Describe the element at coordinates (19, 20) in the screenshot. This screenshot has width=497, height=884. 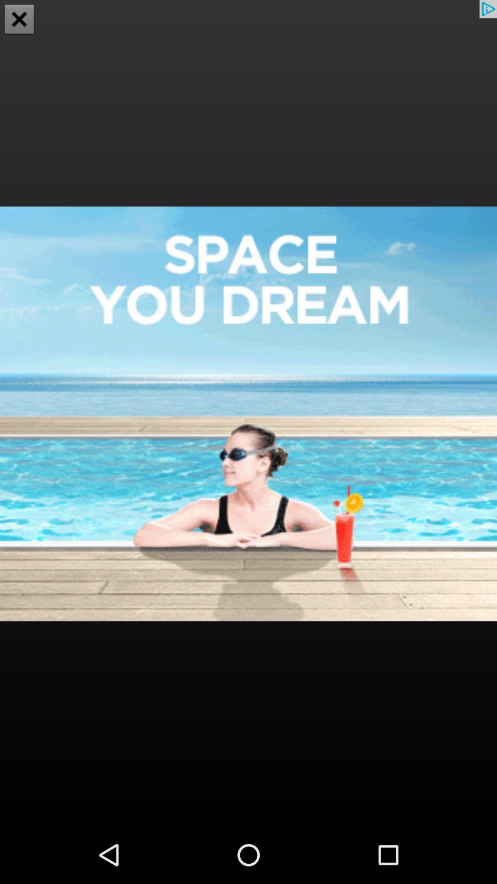
I see `the close icon` at that location.